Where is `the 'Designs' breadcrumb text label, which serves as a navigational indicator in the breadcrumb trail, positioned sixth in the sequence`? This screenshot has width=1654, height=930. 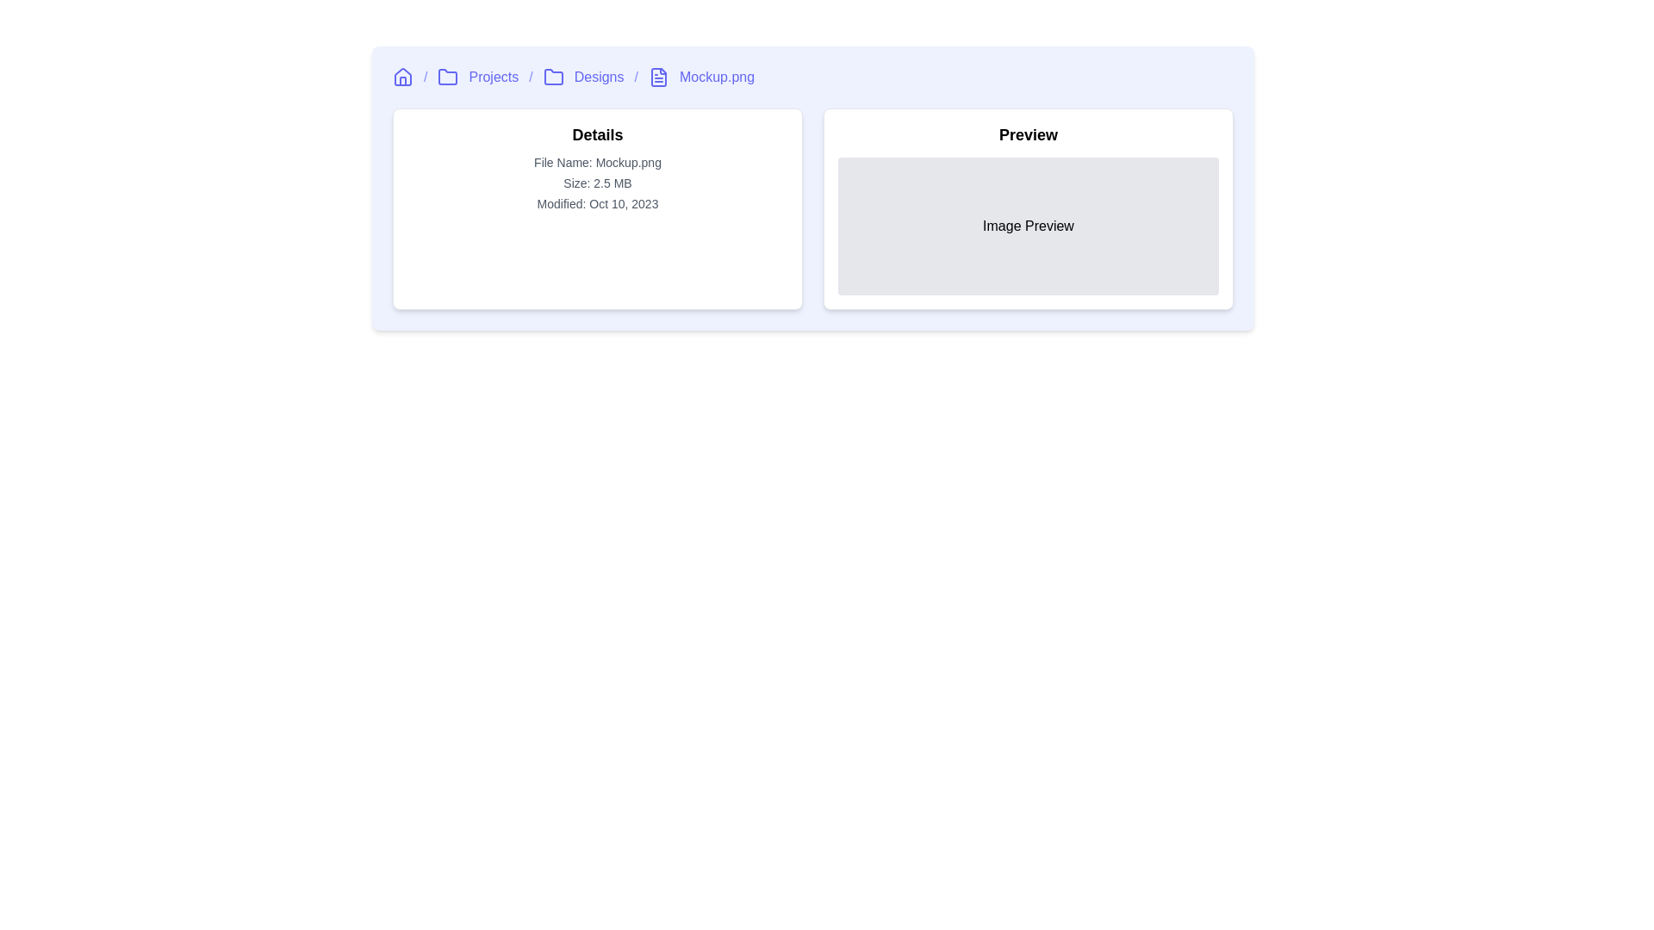
the 'Designs' breadcrumb text label, which serves as a navigational indicator in the breadcrumb trail, positioned sixth in the sequence is located at coordinates (599, 76).